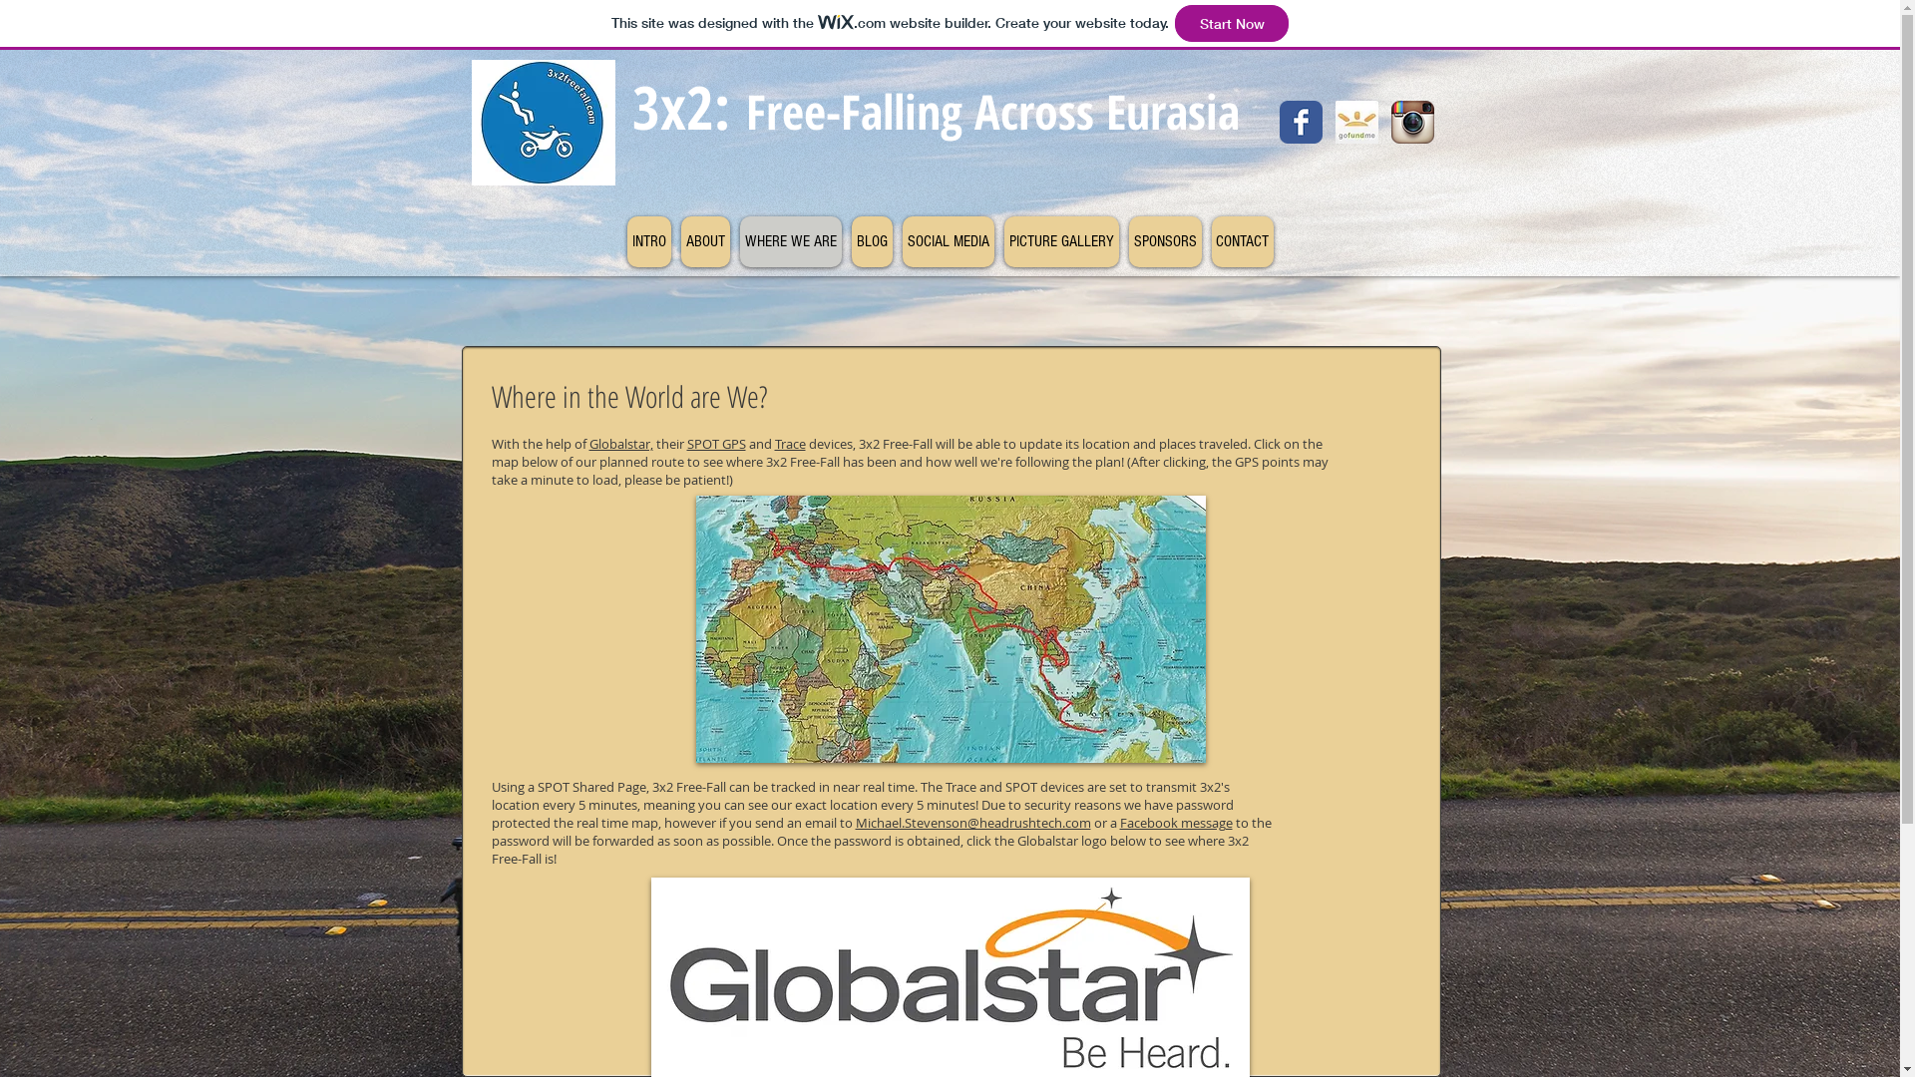 The image size is (1915, 1077). Describe the element at coordinates (972, 823) in the screenshot. I see `'Michael.Stevenson@headrushtech.com'` at that location.